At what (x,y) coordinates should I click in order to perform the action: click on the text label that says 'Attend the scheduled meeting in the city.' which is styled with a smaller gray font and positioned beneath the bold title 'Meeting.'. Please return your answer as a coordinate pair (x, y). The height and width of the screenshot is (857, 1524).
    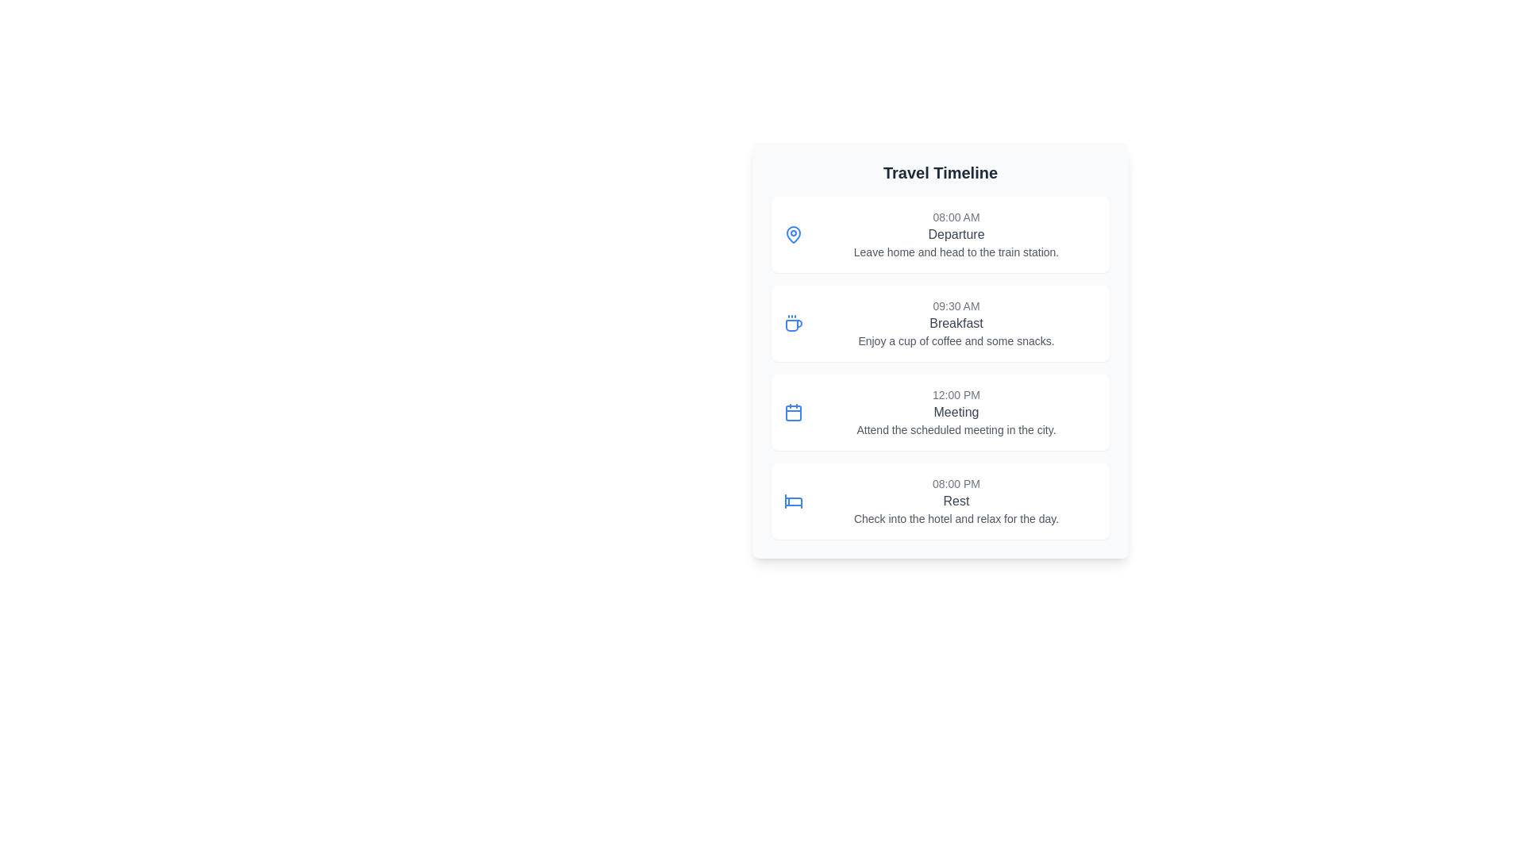
    Looking at the image, I should click on (955, 430).